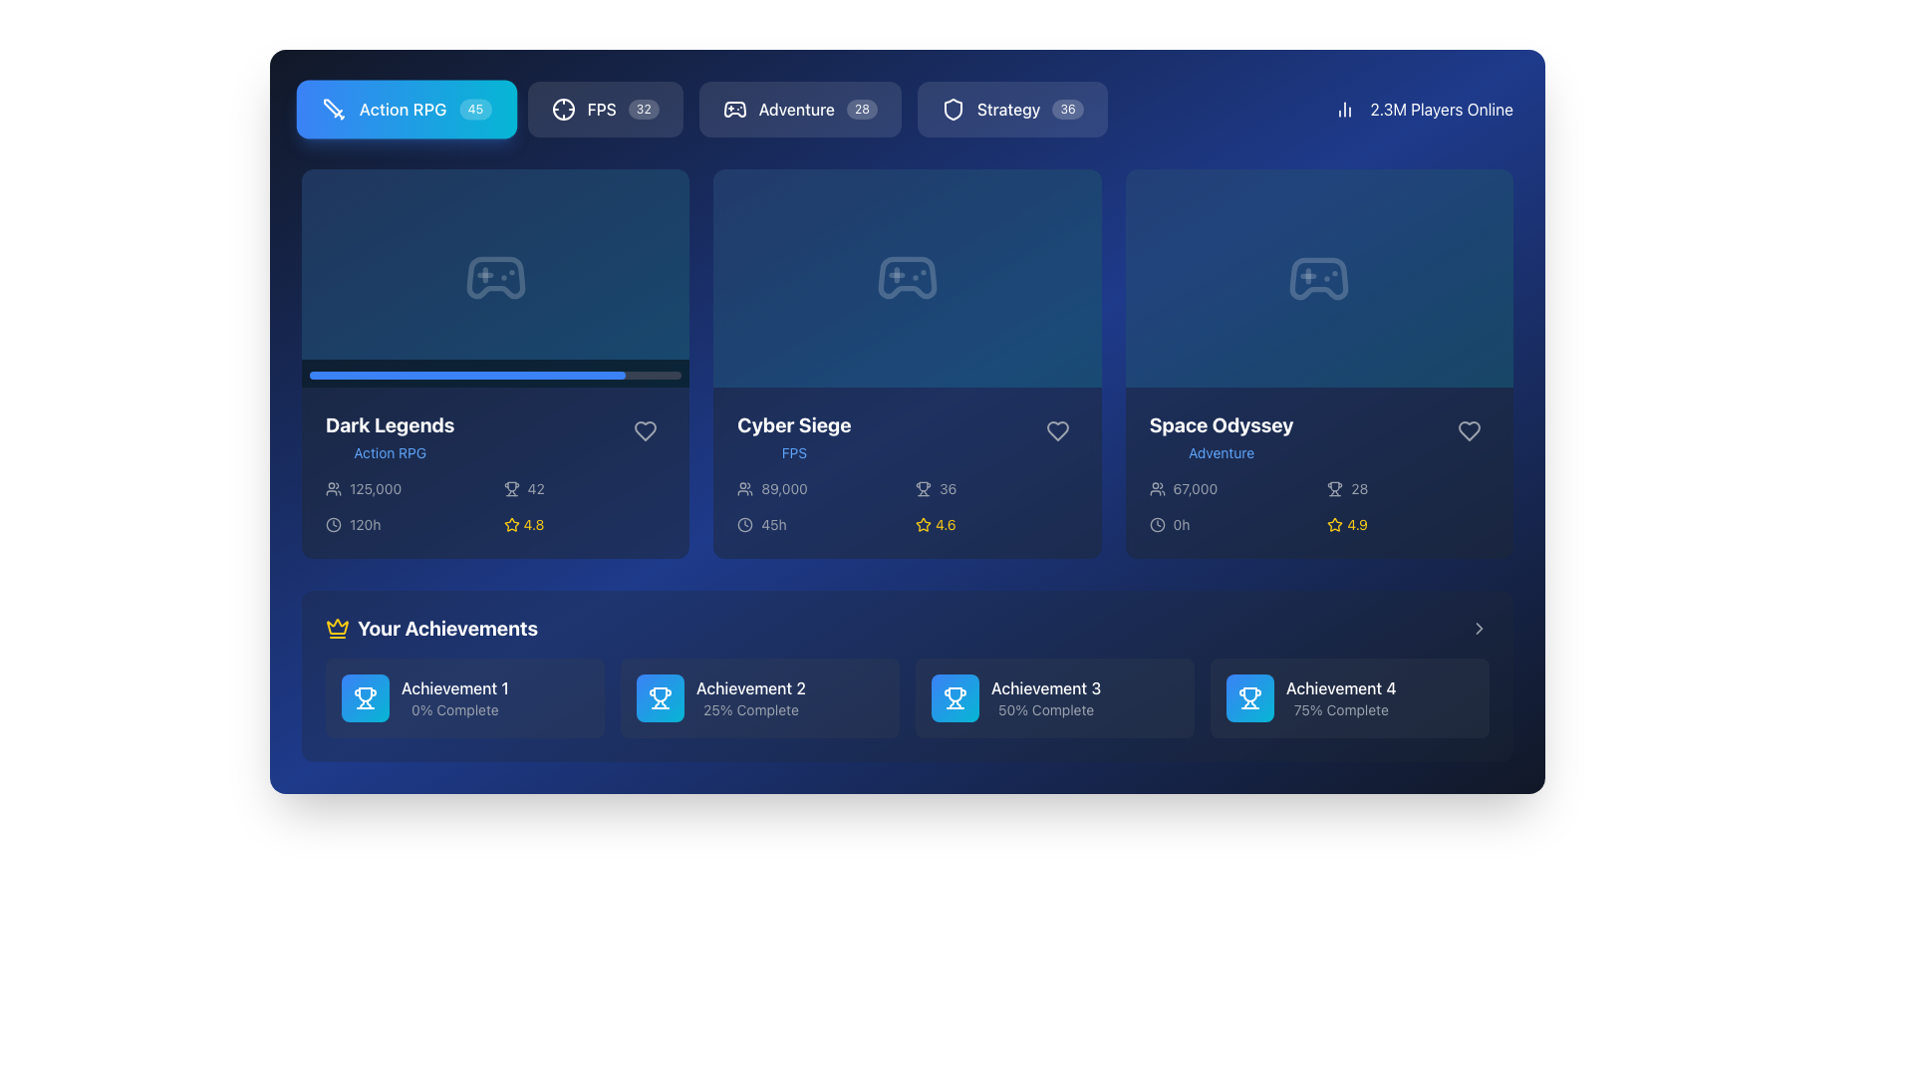 This screenshot has height=1076, width=1913. I want to click on the stylized game controller icon located in the top-right area of the 'Space Odyssey' game card, so click(1319, 278).